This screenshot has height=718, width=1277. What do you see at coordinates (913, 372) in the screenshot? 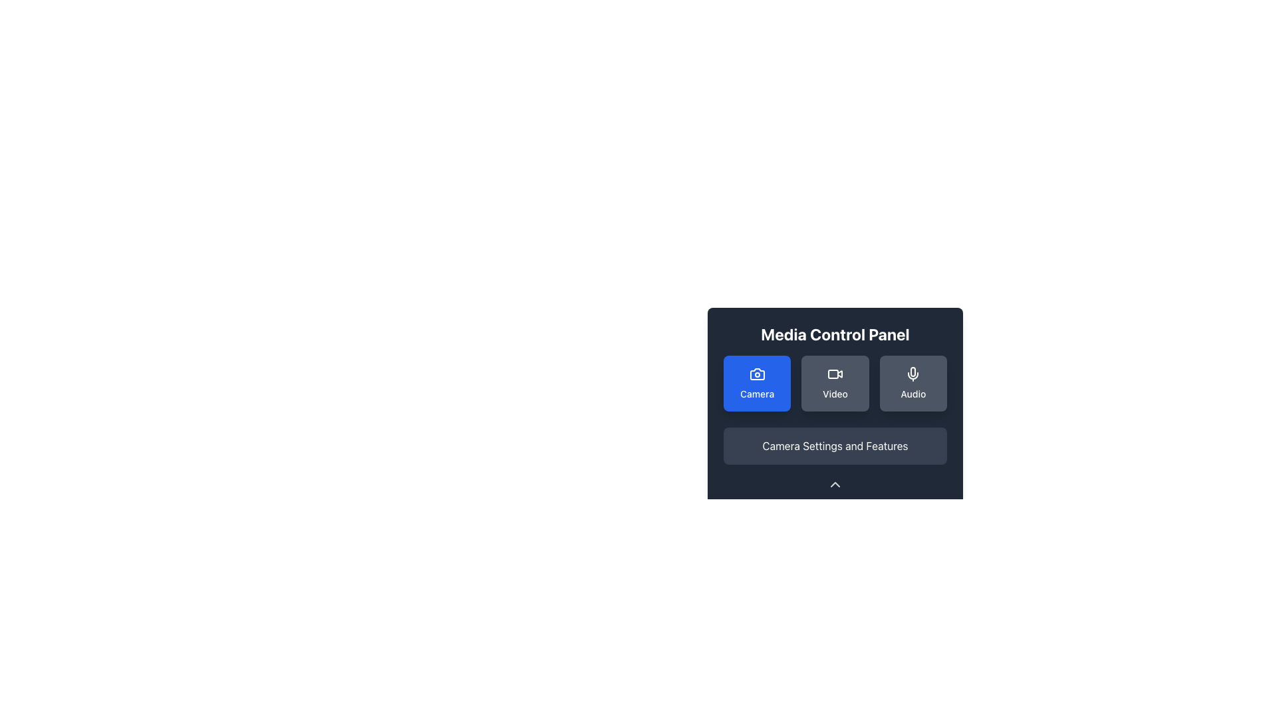
I see `the microphone icon located in the Media Control Panel interface, which is a simple vertical oval shape in monochromatic gray tones` at bounding box center [913, 372].